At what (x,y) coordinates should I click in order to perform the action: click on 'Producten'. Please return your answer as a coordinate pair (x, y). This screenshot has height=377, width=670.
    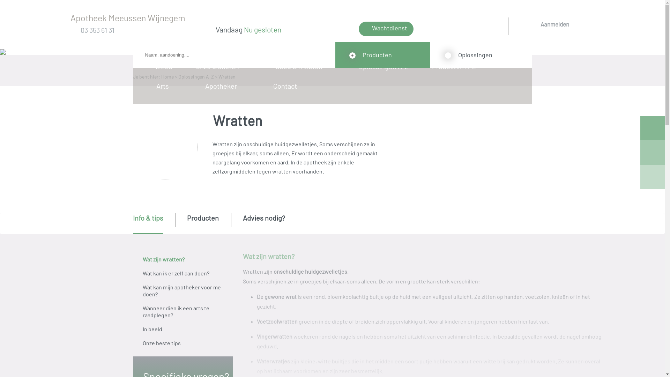
    Looking at the image, I should click on (187, 223).